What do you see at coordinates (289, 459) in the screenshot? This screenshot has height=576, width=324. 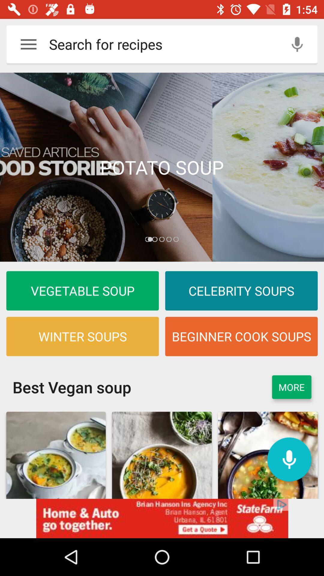 I see `activate voice search` at bounding box center [289, 459].